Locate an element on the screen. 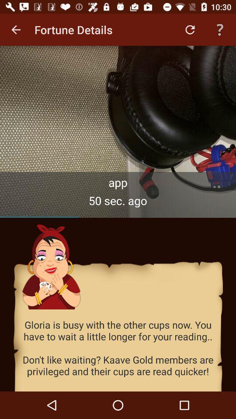 This screenshot has height=419, width=236. the item next to the fortune details icon is located at coordinates (190, 30).